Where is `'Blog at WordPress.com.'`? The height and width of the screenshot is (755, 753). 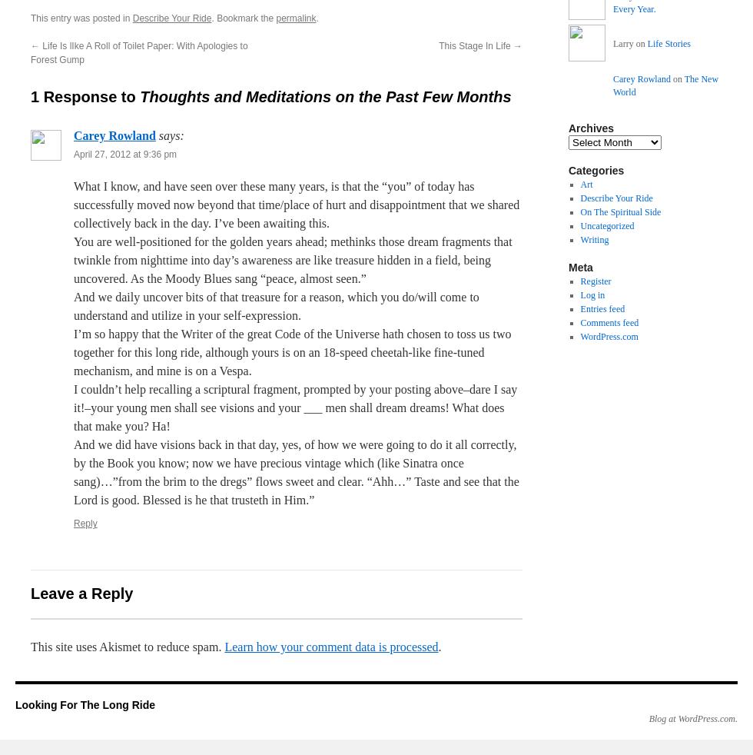 'Blog at WordPress.com.' is located at coordinates (692, 718).